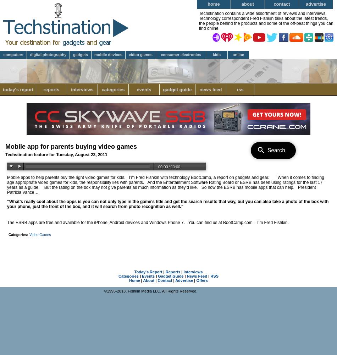 The width and height of the screenshot is (337, 355). I want to click on 'Mobile app for parents buying video games', so click(5, 147).